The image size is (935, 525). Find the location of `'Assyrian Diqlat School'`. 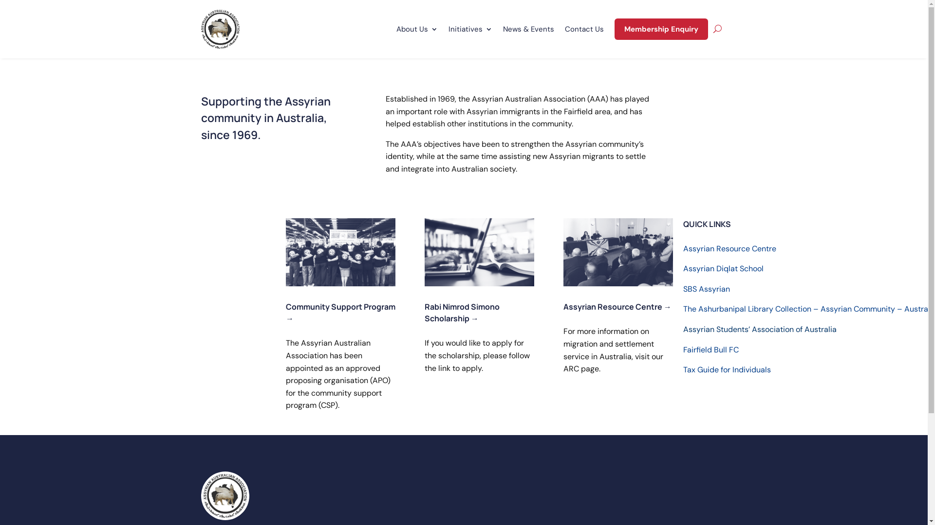

'Assyrian Diqlat School' is located at coordinates (723, 268).